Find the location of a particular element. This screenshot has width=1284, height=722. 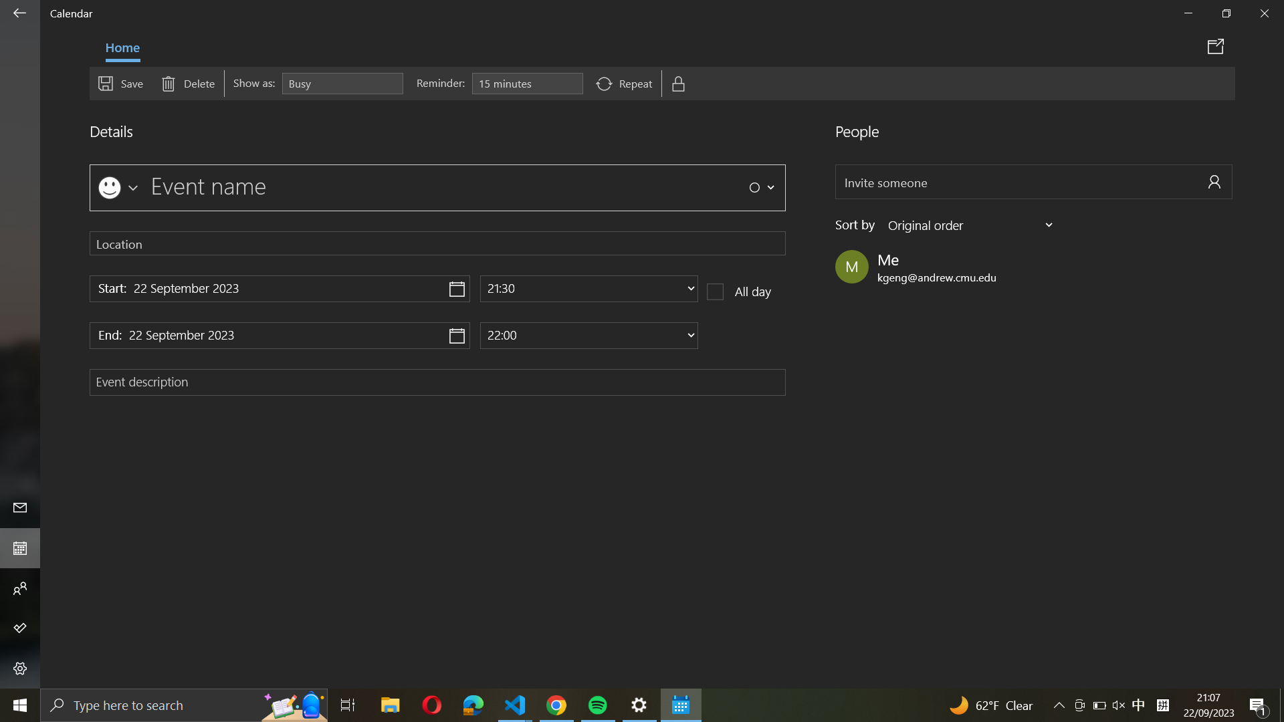

the feature to input conclusion date is located at coordinates (278, 334).